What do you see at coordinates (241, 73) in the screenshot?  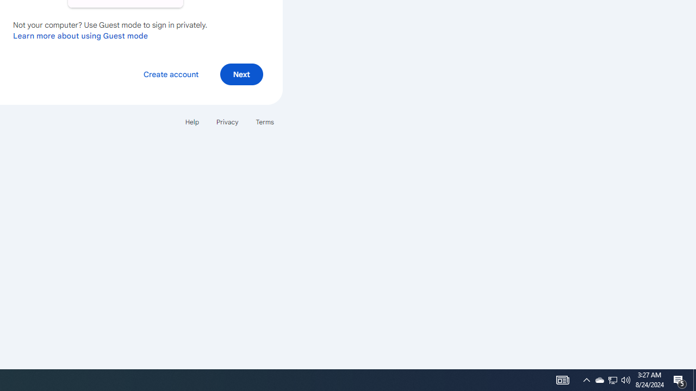 I see `'Next'` at bounding box center [241, 73].